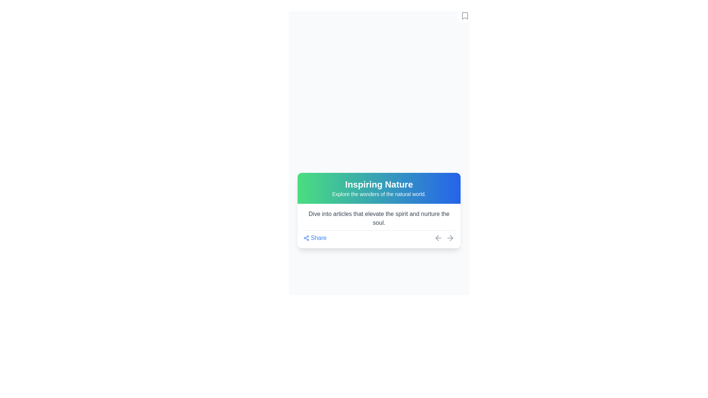 The width and height of the screenshot is (708, 398). What do you see at coordinates (450, 237) in the screenshot?
I see `the navigation button located in the bottom-right corner of the card layout, which is the second and rightmost icon of the navigation arrows` at bounding box center [450, 237].